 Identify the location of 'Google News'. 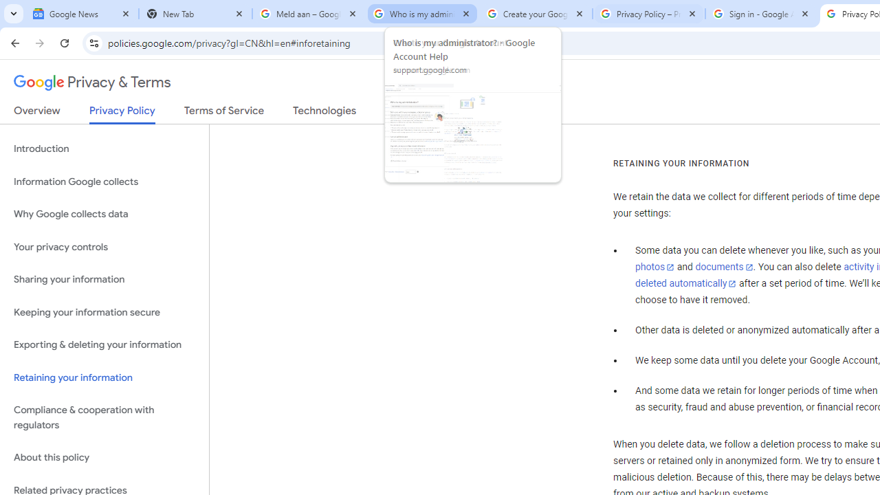
(81, 14).